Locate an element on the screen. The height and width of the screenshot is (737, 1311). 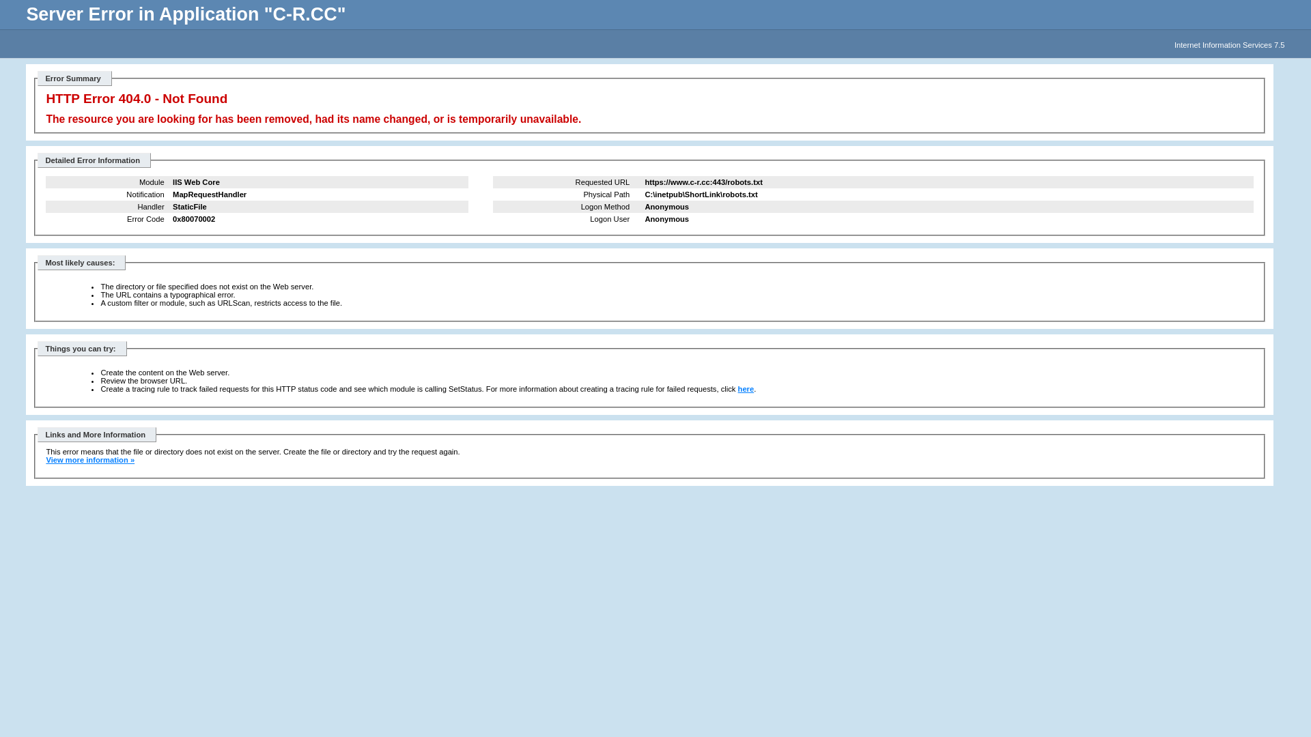
'here' is located at coordinates (746, 389).